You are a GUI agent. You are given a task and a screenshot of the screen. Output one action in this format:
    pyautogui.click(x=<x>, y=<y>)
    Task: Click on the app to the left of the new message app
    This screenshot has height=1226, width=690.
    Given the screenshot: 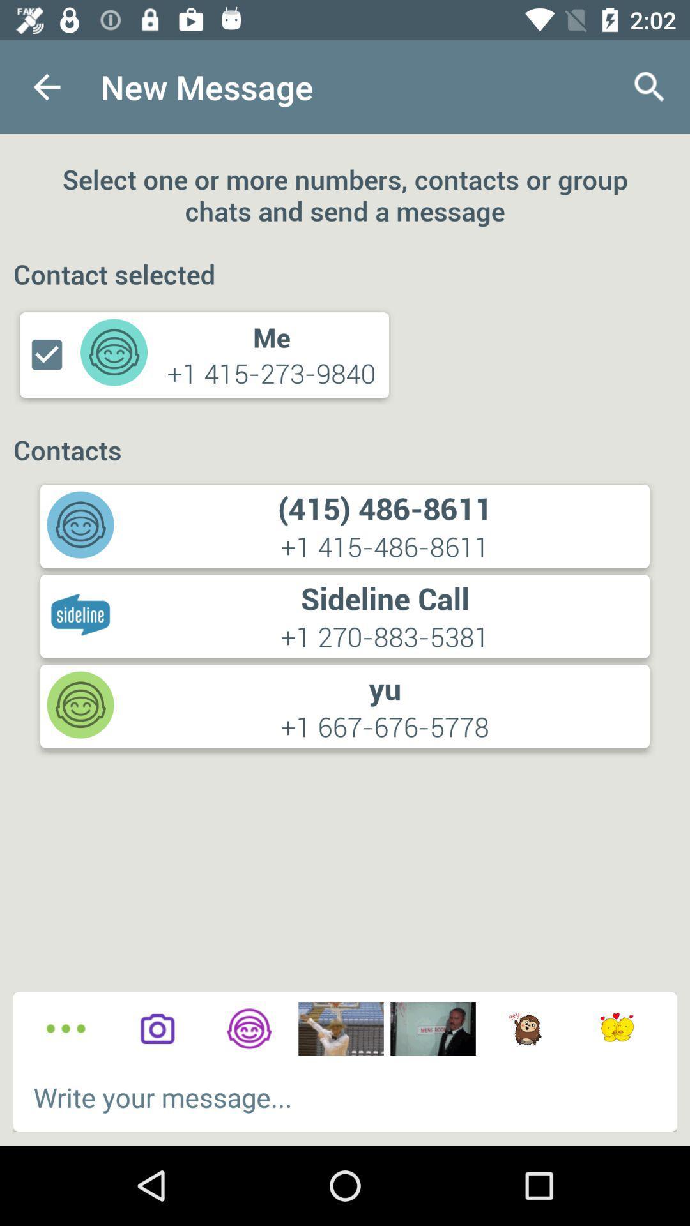 What is the action you would take?
    pyautogui.click(x=46, y=86)
    